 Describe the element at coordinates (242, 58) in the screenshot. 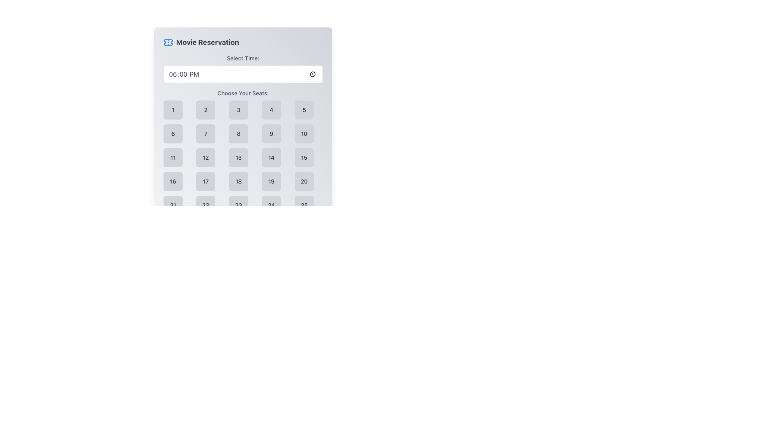

I see `the text label that says 'Select Time:', which is positioned above the time input field and below the 'Movie Reservation' header` at that location.